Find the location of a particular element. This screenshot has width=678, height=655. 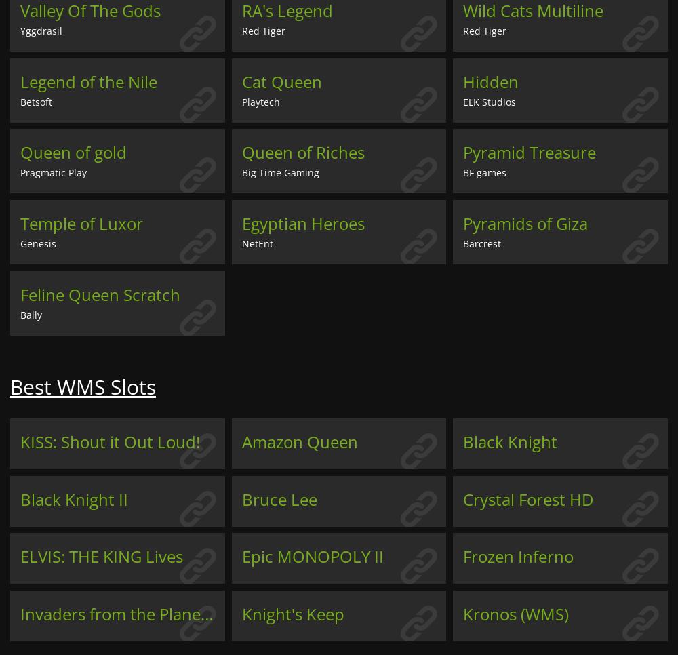

'Egyptian Heroes' is located at coordinates (302, 223).